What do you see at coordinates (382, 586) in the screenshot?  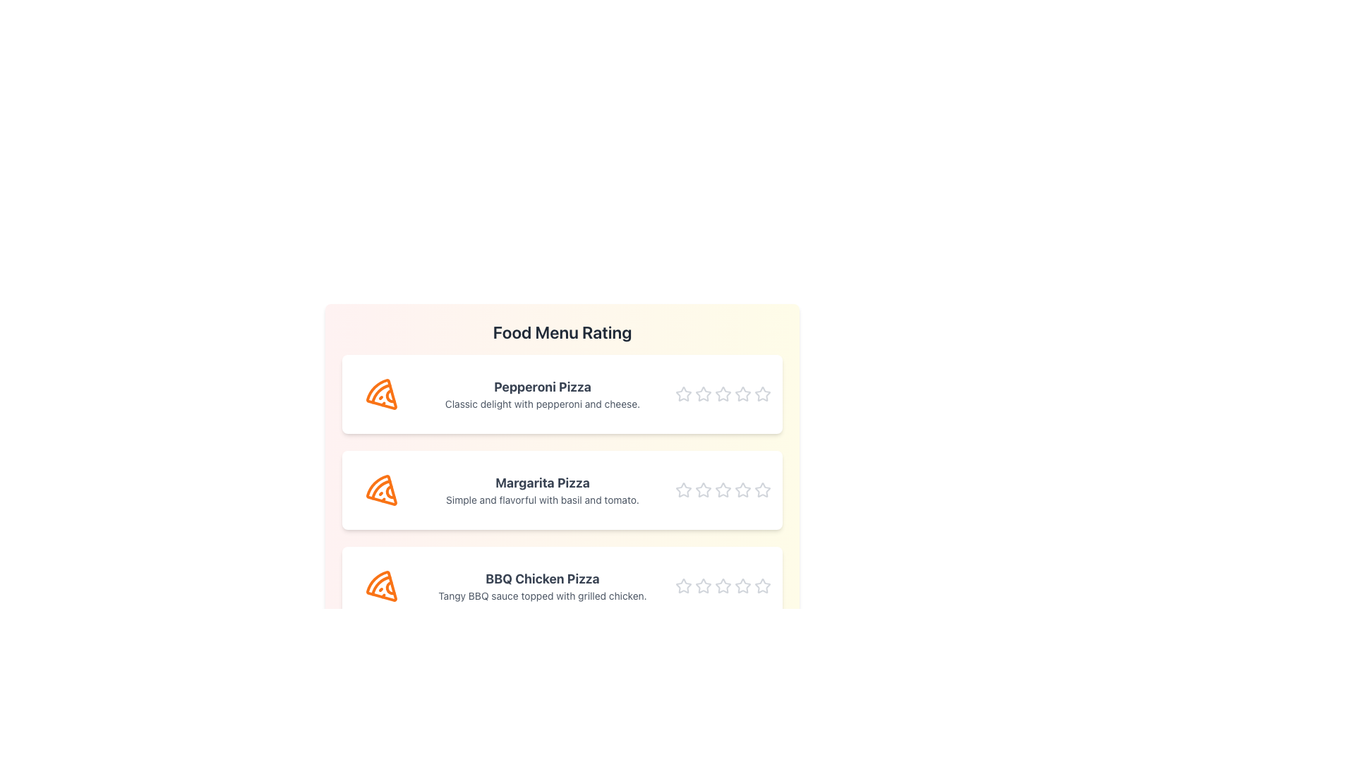 I see `the pizza slice icon located at the bottom left of the 'BBQ Chicken Pizza' panel in the food menu UI` at bounding box center [382, 586].